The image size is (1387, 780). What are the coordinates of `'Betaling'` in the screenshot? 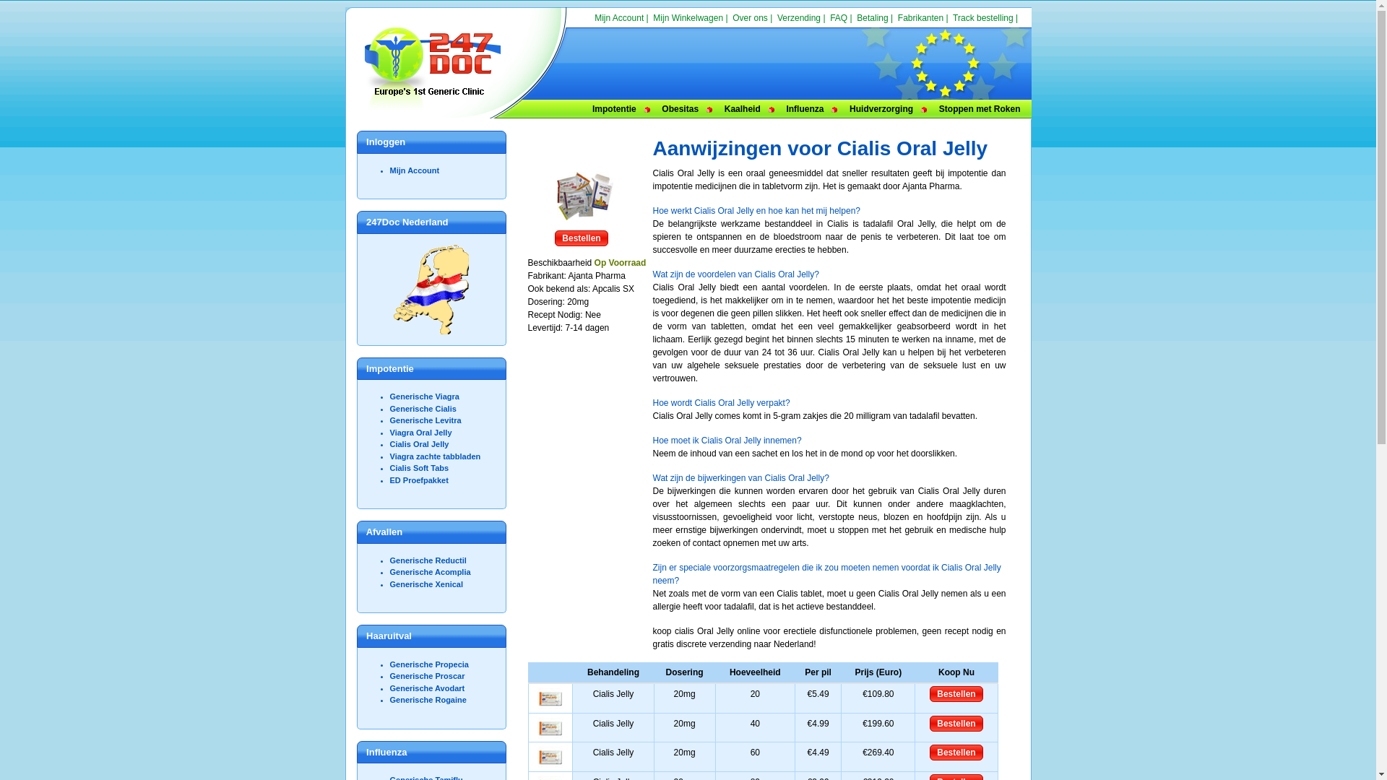 It's located at (871, 17).